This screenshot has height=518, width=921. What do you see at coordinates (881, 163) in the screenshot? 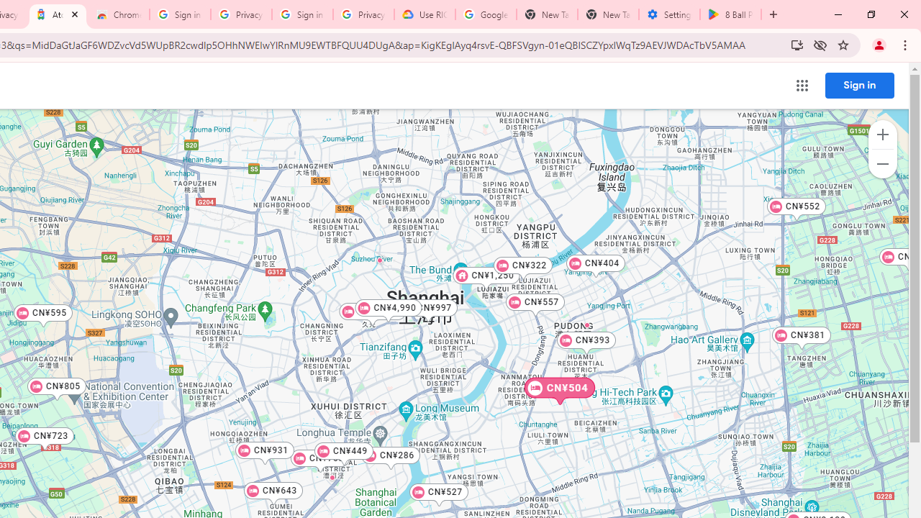
I see `'Zoom out map'` at bounding box center [881, 163].